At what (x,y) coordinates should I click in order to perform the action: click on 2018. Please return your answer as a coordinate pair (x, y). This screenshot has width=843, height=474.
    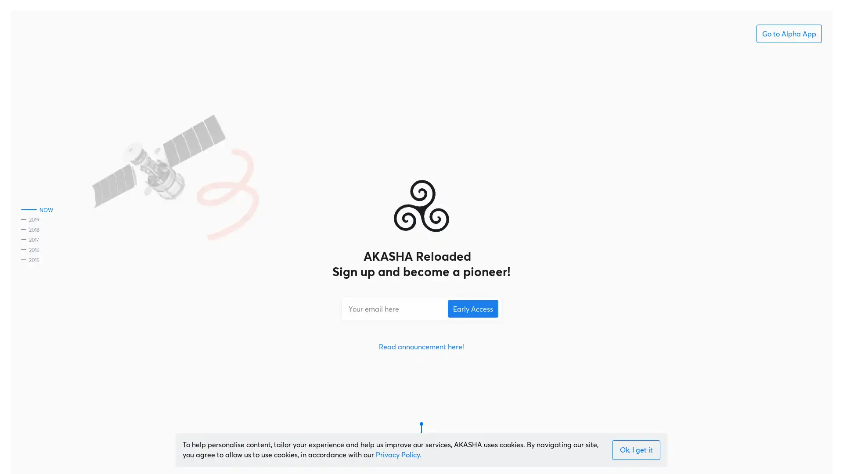
    Looking at the image, I should click on (30, 230).